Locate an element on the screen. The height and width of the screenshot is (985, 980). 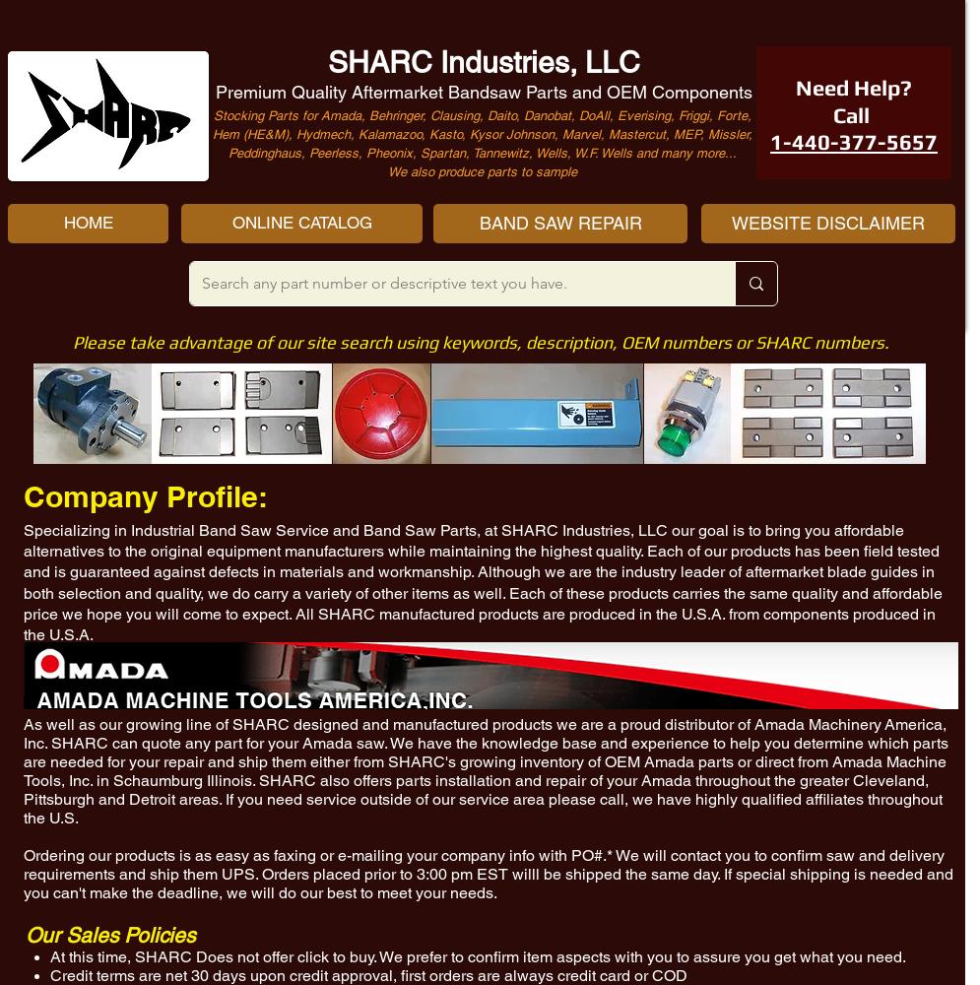
'1-440-377-5657' is located at coordinates (854, 142).